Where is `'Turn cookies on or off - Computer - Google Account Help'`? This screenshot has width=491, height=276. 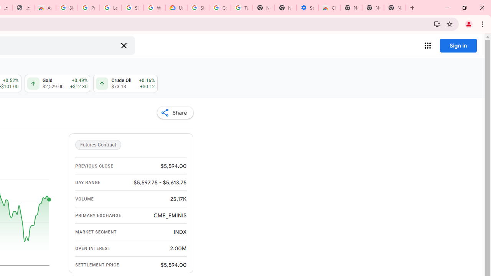 'Turn cookies on or off - Computer - Google Account Help' is located at coordinates (241, 8).